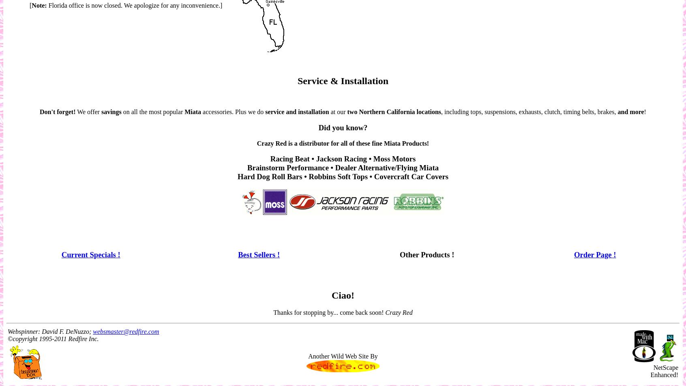 The width and height of the screenshot is (686, 386). What do you see at coordinates (385, 312) in the screenshot?
I see `'Crazy Red'` at bounding box center [385, 312].